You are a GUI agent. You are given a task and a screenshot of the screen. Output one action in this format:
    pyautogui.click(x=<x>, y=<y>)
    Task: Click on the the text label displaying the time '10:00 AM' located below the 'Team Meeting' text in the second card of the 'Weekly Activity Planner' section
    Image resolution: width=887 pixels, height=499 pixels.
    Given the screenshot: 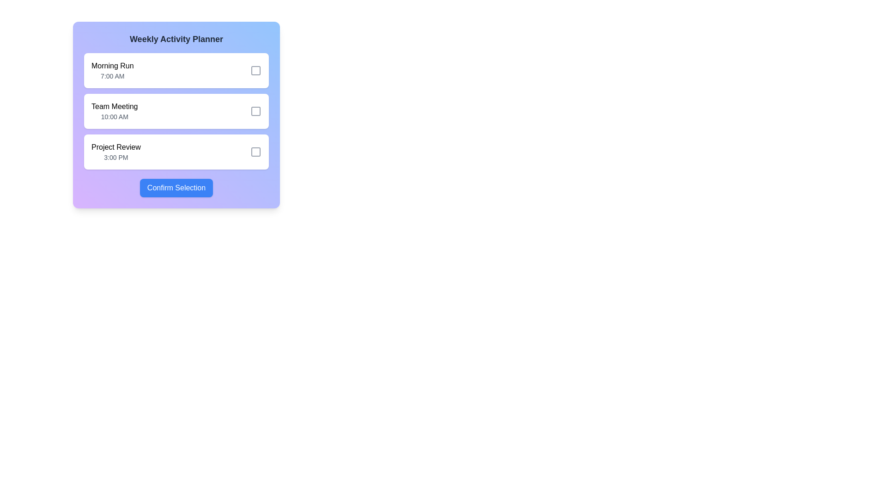 What is the action you would take?
    pyautogui.click(x=114, y=116)
    